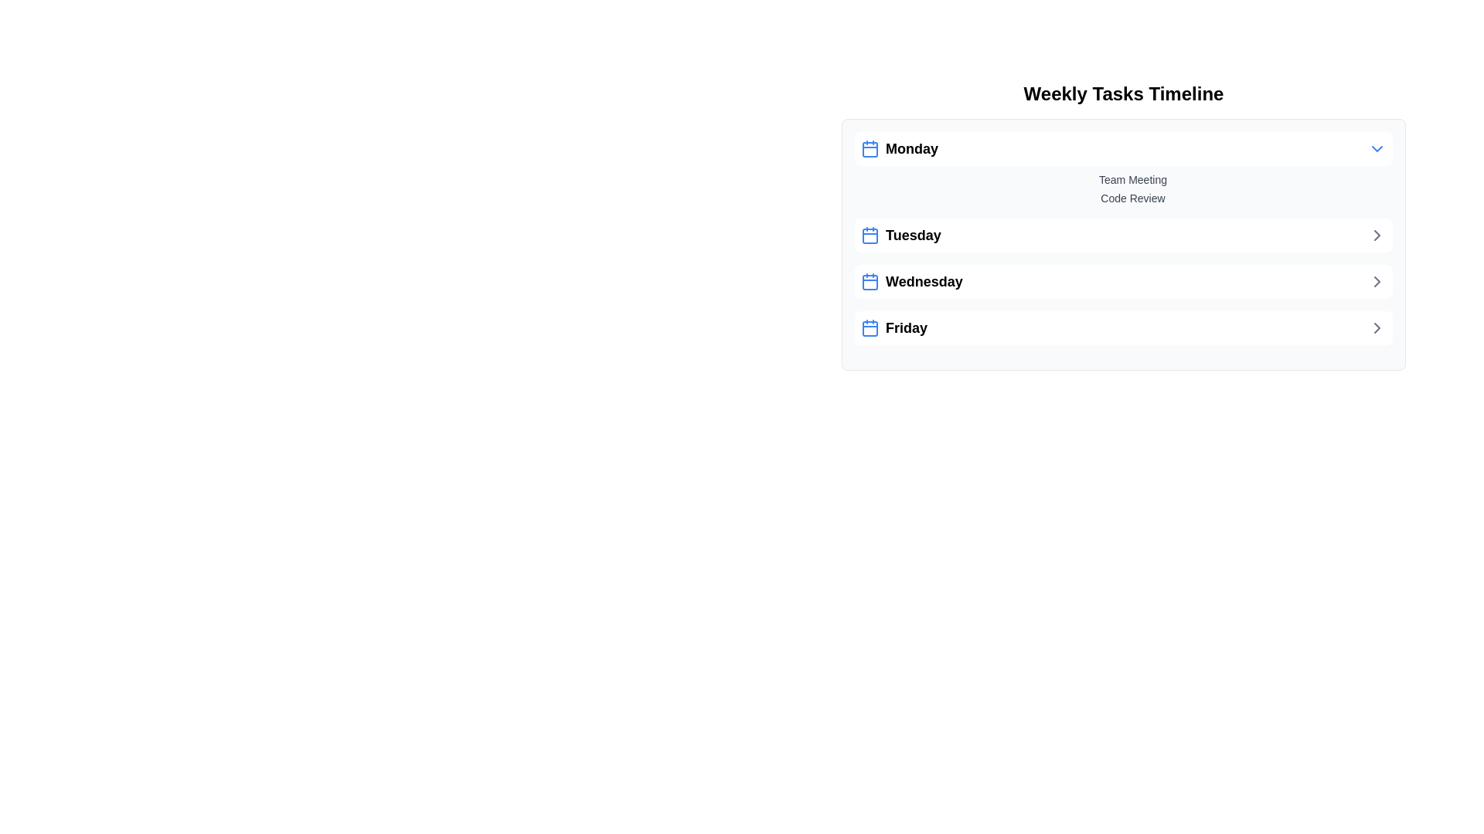 The width and height of the screenshot is (1484, 834). What do you see at coordinates (1124, 327) in the screenshot?
I see `the interactive list item representing 'Friday' in the 'Weekly Tasks Timeline'` at bounding box center [1124, 327].